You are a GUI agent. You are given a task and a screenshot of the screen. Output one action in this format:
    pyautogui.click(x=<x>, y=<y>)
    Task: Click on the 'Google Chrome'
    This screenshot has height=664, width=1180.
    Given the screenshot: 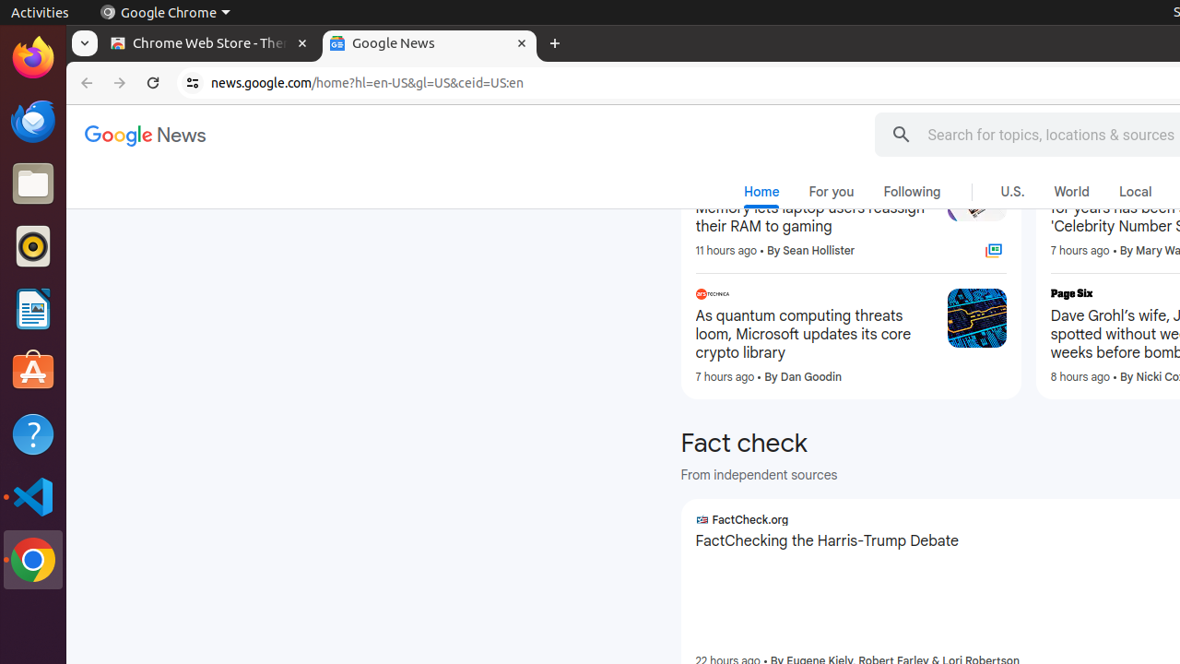 What is the action you would take?
    pyautogui.click(x=164, y=12)
    